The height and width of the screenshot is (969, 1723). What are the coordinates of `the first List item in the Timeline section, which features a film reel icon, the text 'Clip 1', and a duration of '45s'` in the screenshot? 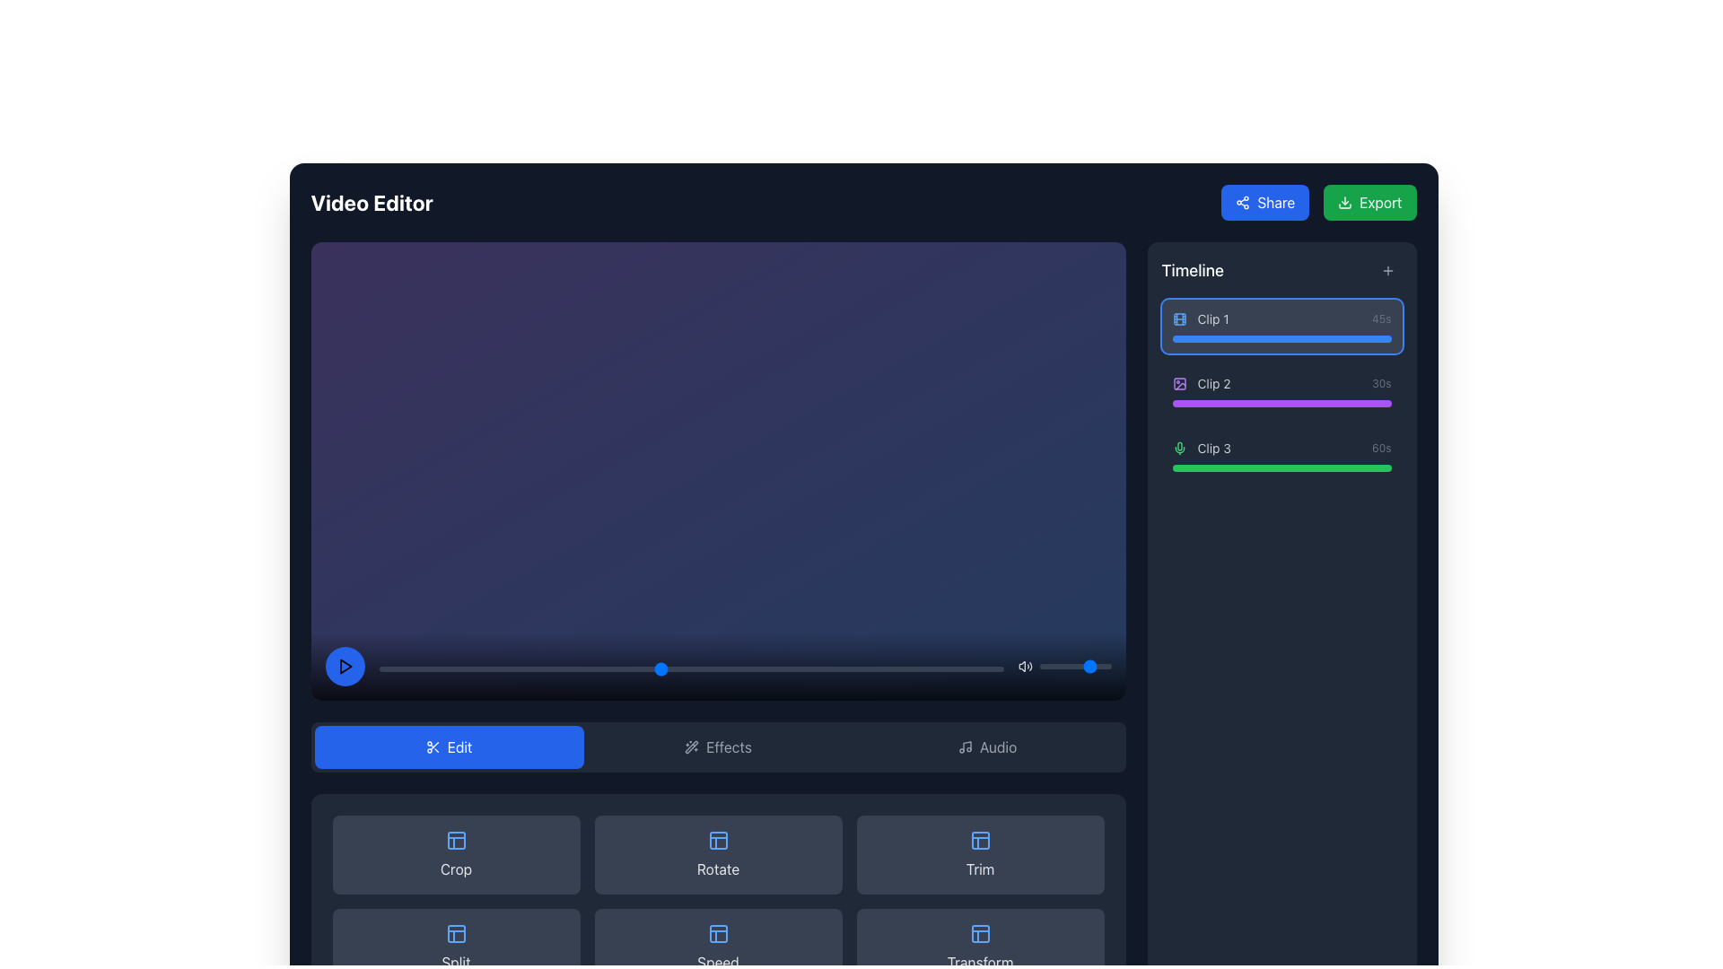 It's located at (1281, 326).